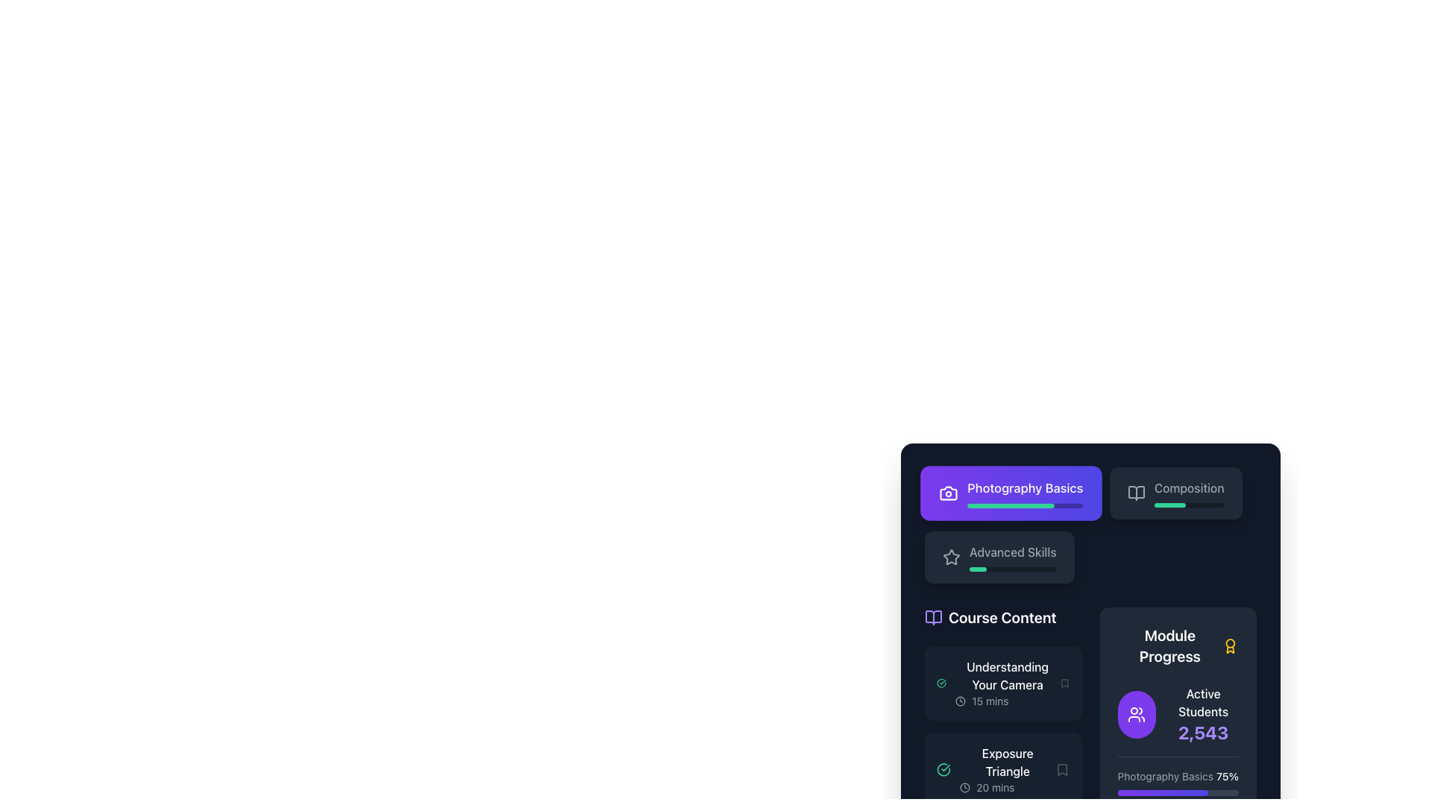 The width and height of the screenshot is (1432, 805). I want to click on the green circular icon with a checkmark, located to the left of the 'Understanding Your Camera' title in the 'Course Content' section, so click(940, 684).